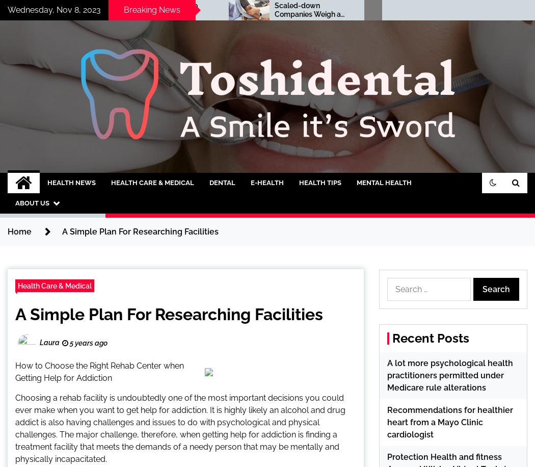 This screenshot has width=535, height=467. Describe the element at coordinates (447, 31) in the screenshot. I see `'When is the most effective time to brush enamel? Your early morning plan may possibly be undertaking hurt, dentist suggests'` at that location.